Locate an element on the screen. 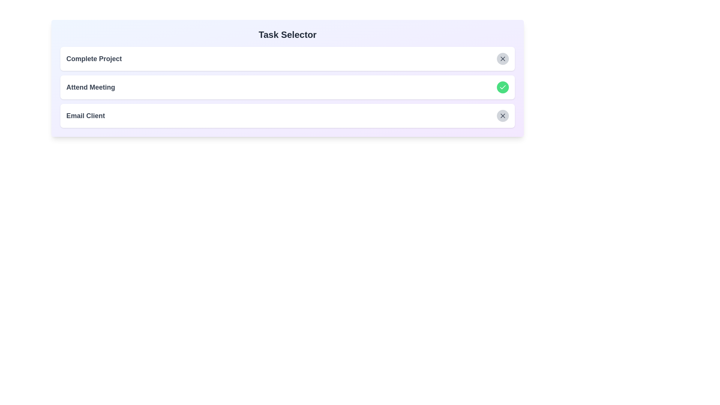  the task Complete Project is located at coordinates (502, 58).